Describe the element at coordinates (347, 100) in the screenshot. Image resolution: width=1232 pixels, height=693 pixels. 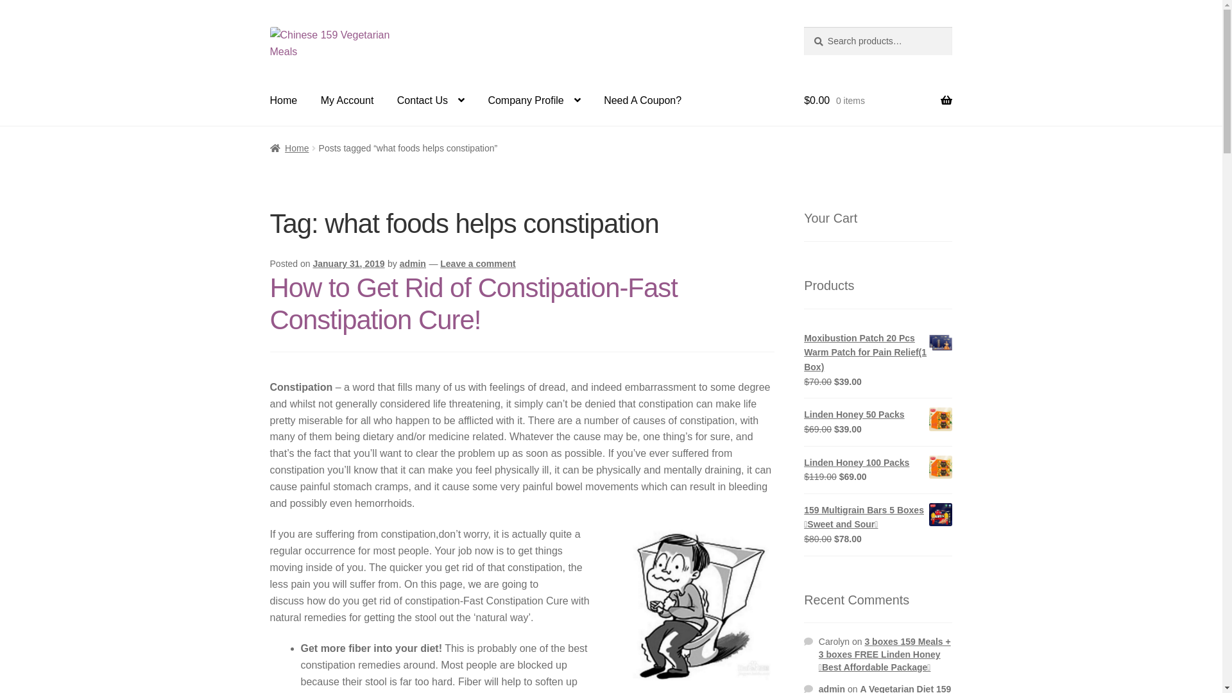
I see `'My Account'` at that location.